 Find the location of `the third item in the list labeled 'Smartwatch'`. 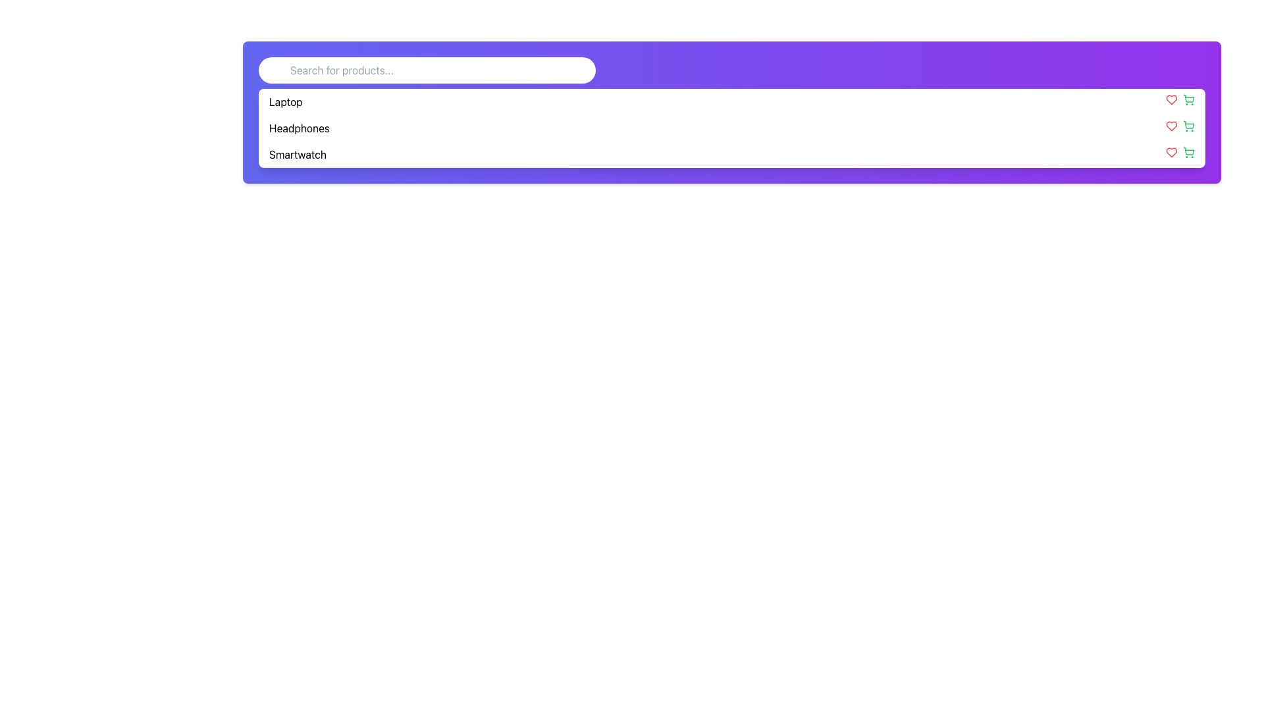

the third item in the list labeled 'Smartwatch' is located at coordinates (731, 154).